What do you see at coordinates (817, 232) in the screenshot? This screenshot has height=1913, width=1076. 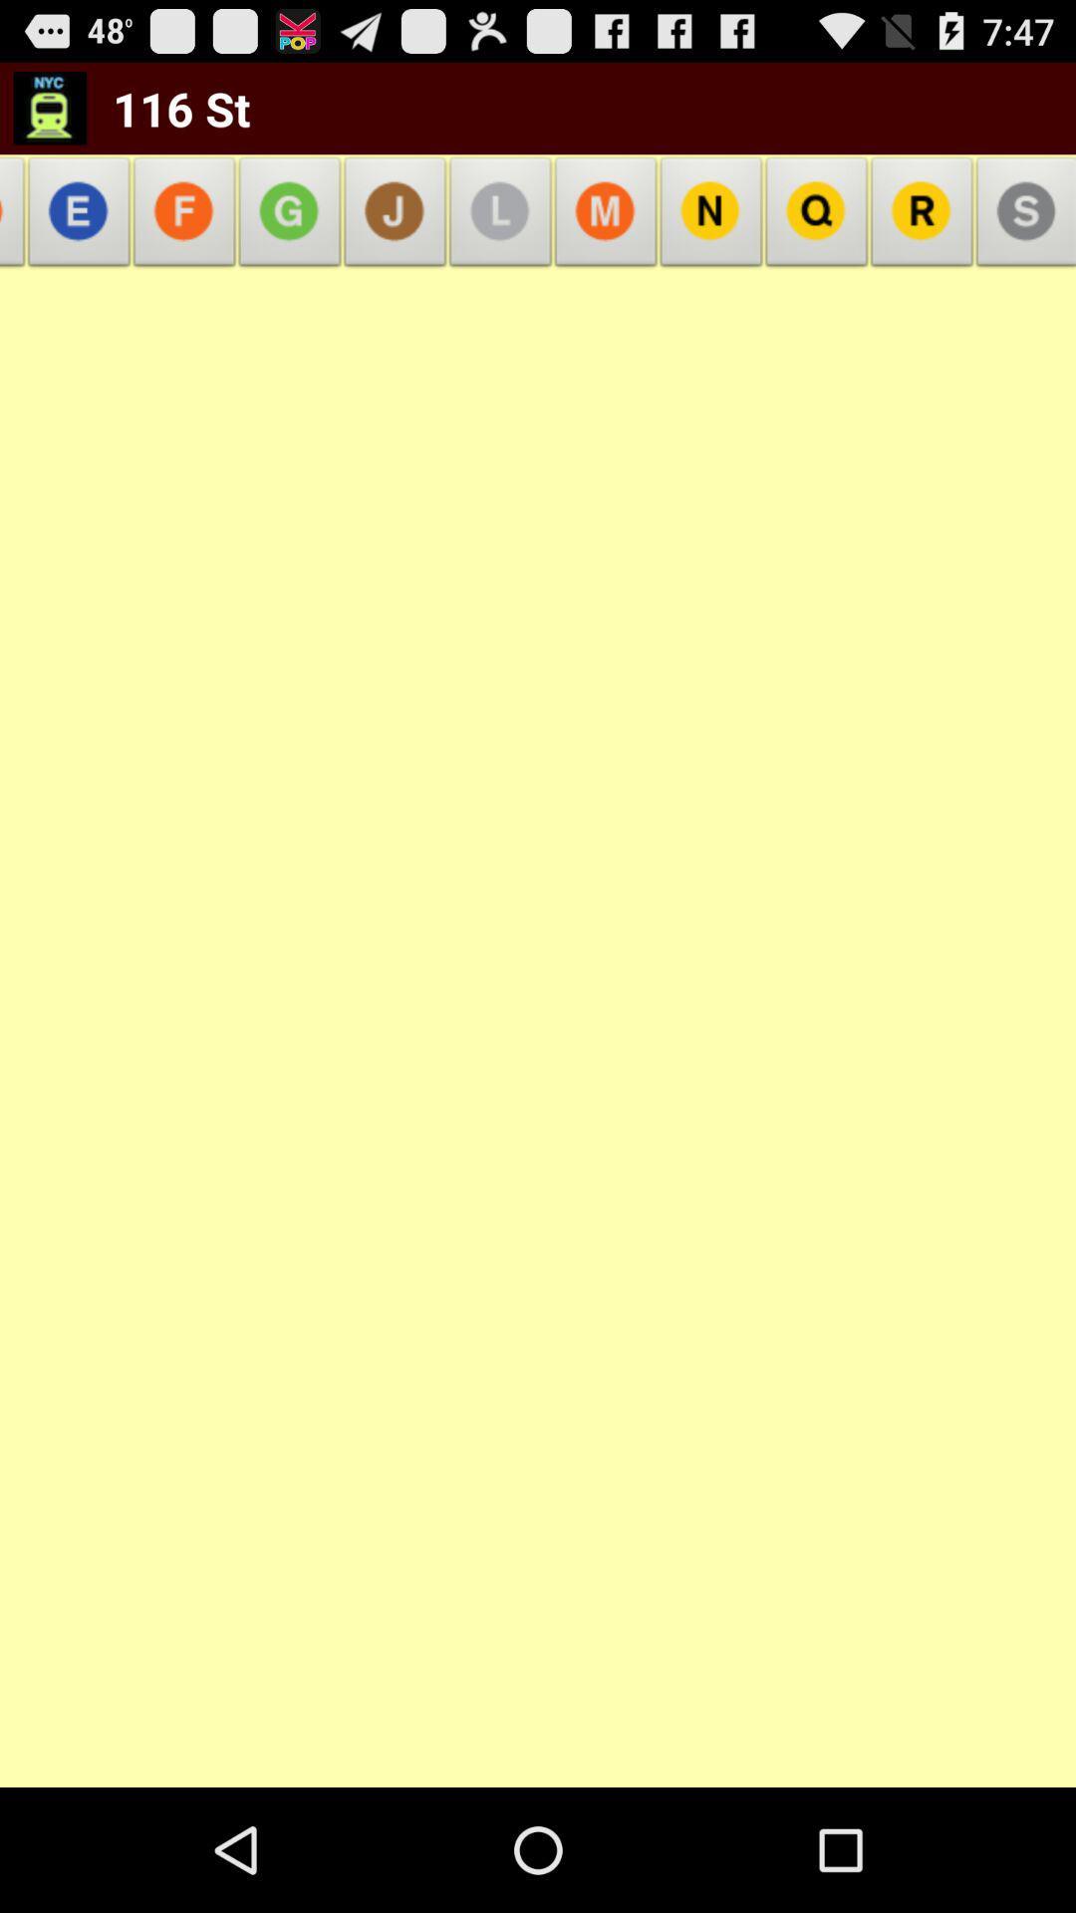 I see `the search icon` at bounding box center [817, 232].